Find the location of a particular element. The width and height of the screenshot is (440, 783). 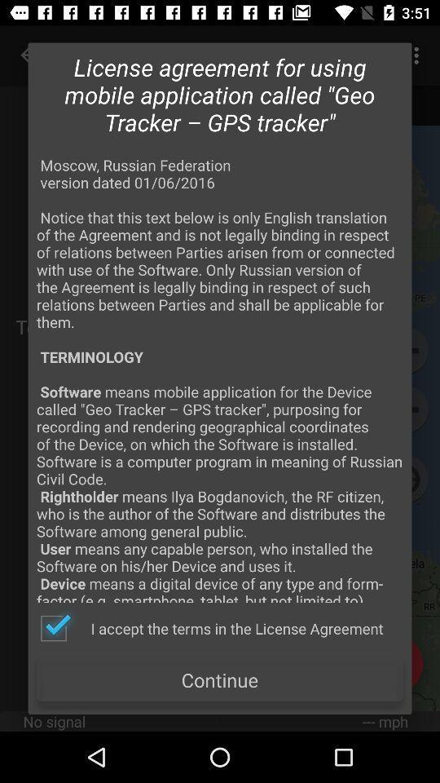

the icon below the license agreement for app is located at coordinates (220, 378).